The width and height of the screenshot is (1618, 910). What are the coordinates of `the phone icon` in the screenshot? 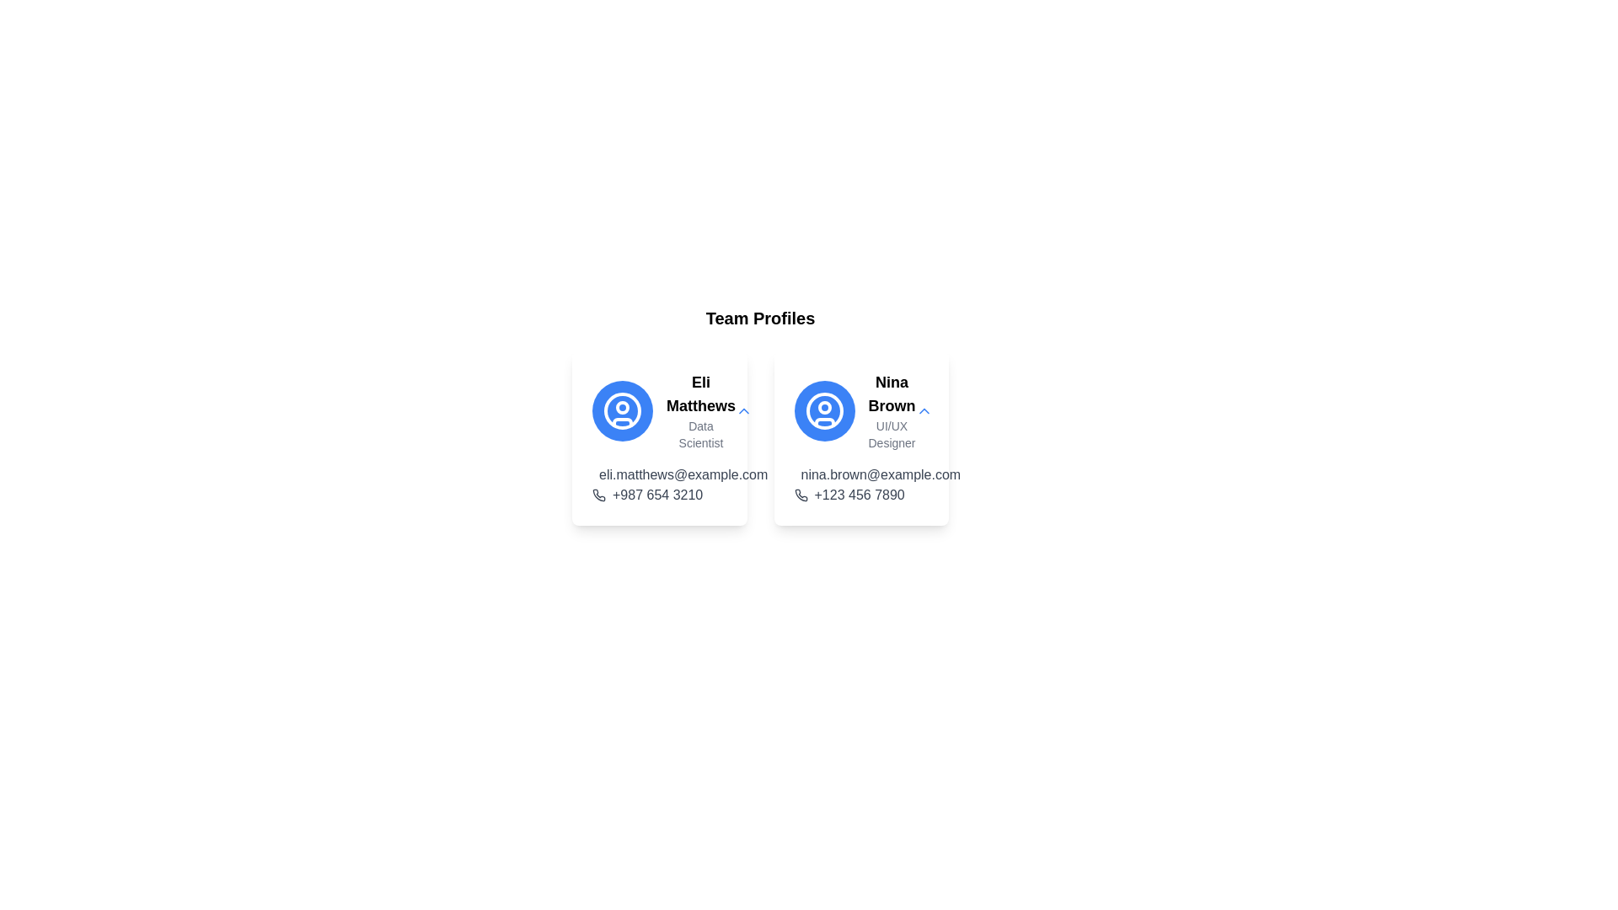 It's located at (800, 494).